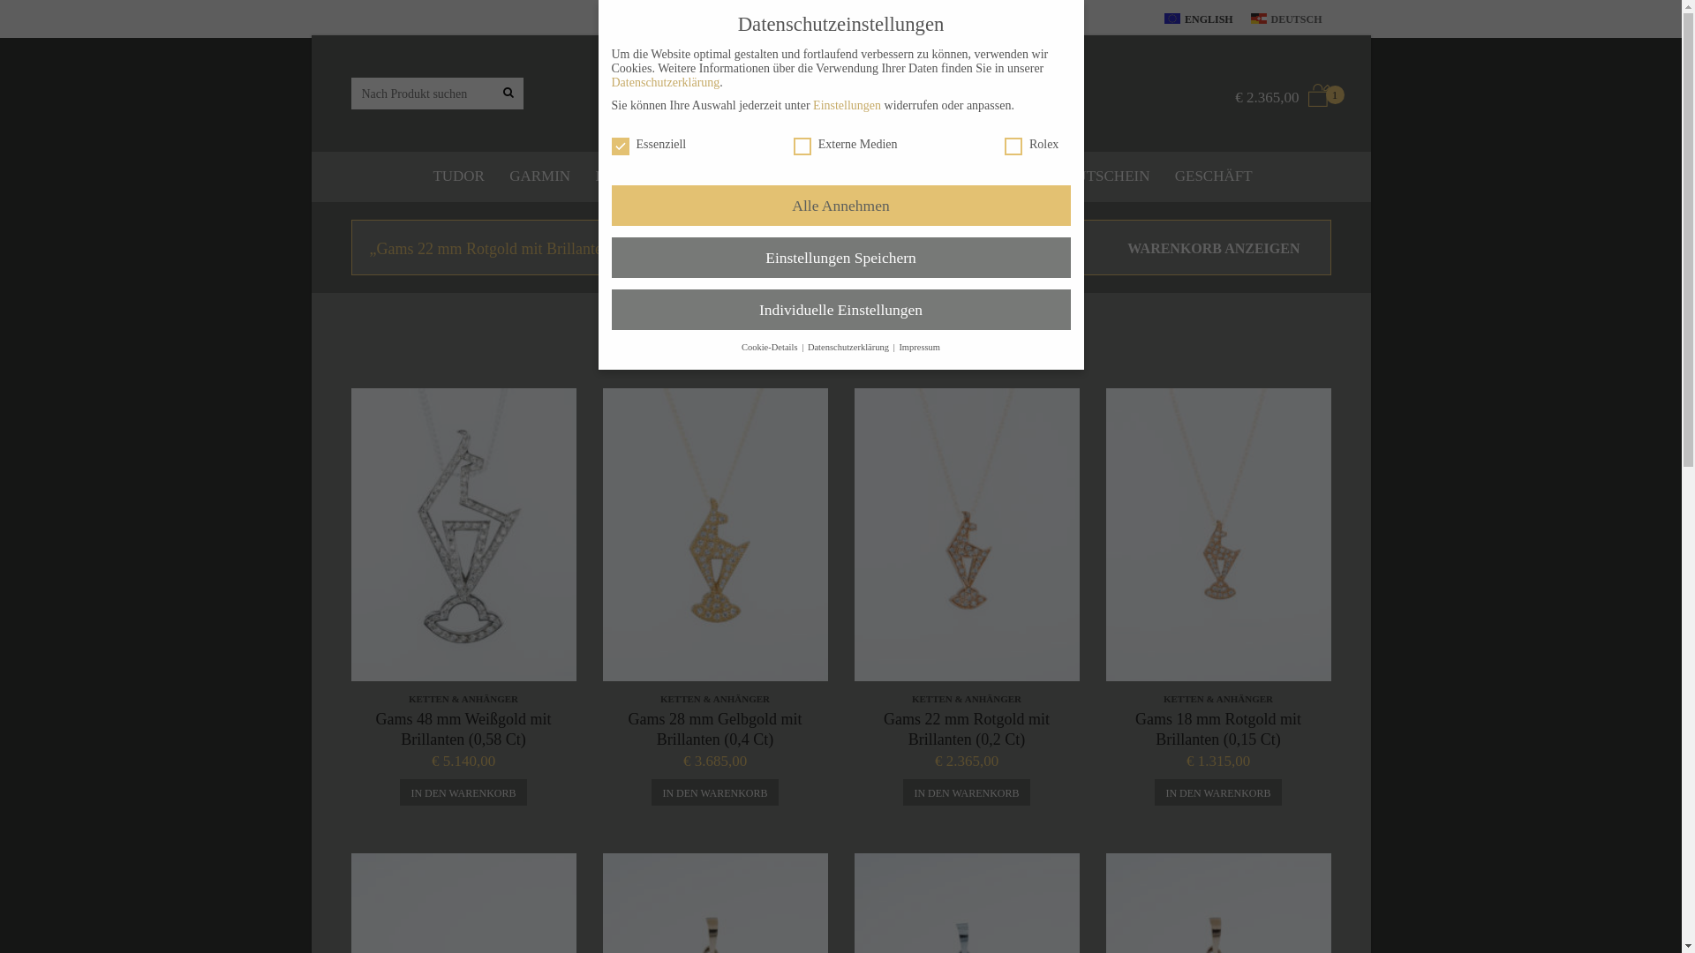  What do you see at coordinates (594, 176) in the screenshot?
I see `'KB UHR'` at bounding box center [594, 176].